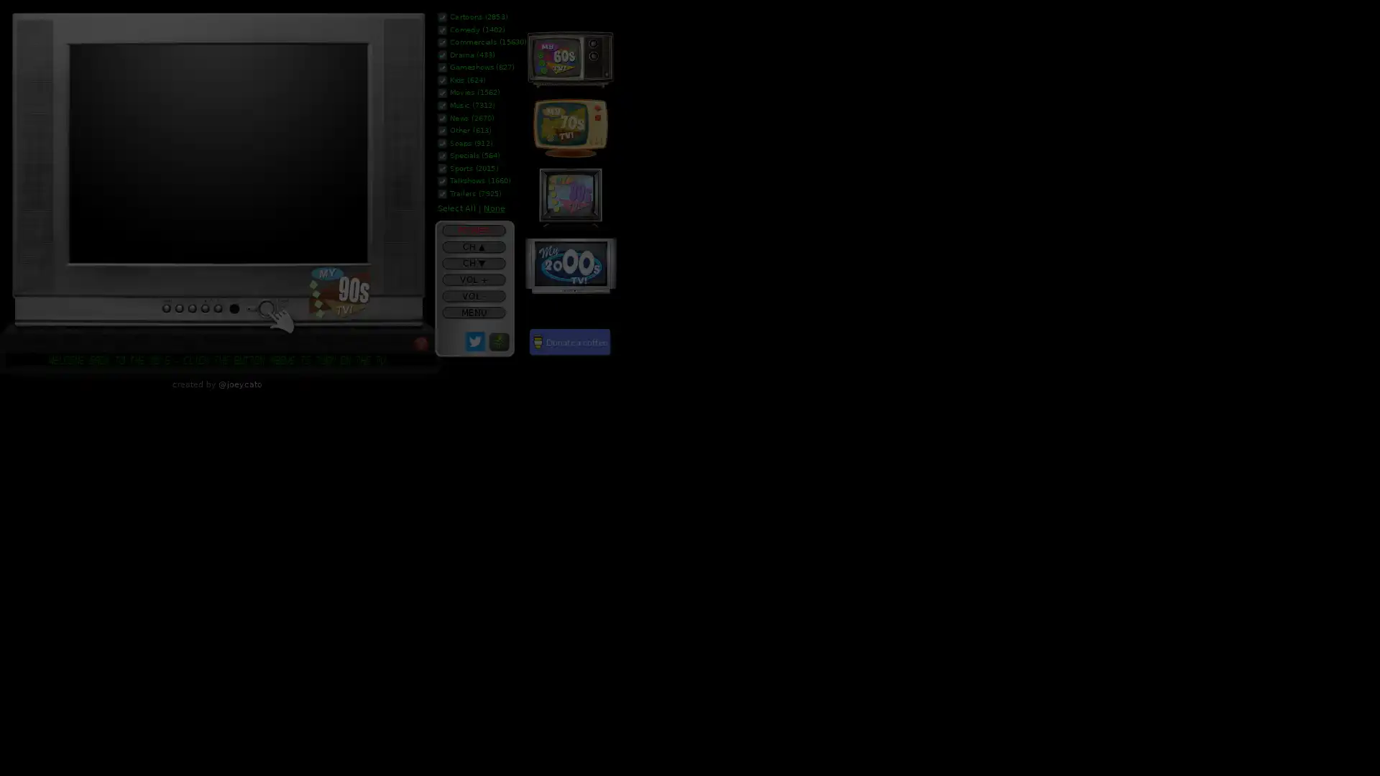 The image size is (1380, 776). I want to click on VOL -, so click(473, 295).